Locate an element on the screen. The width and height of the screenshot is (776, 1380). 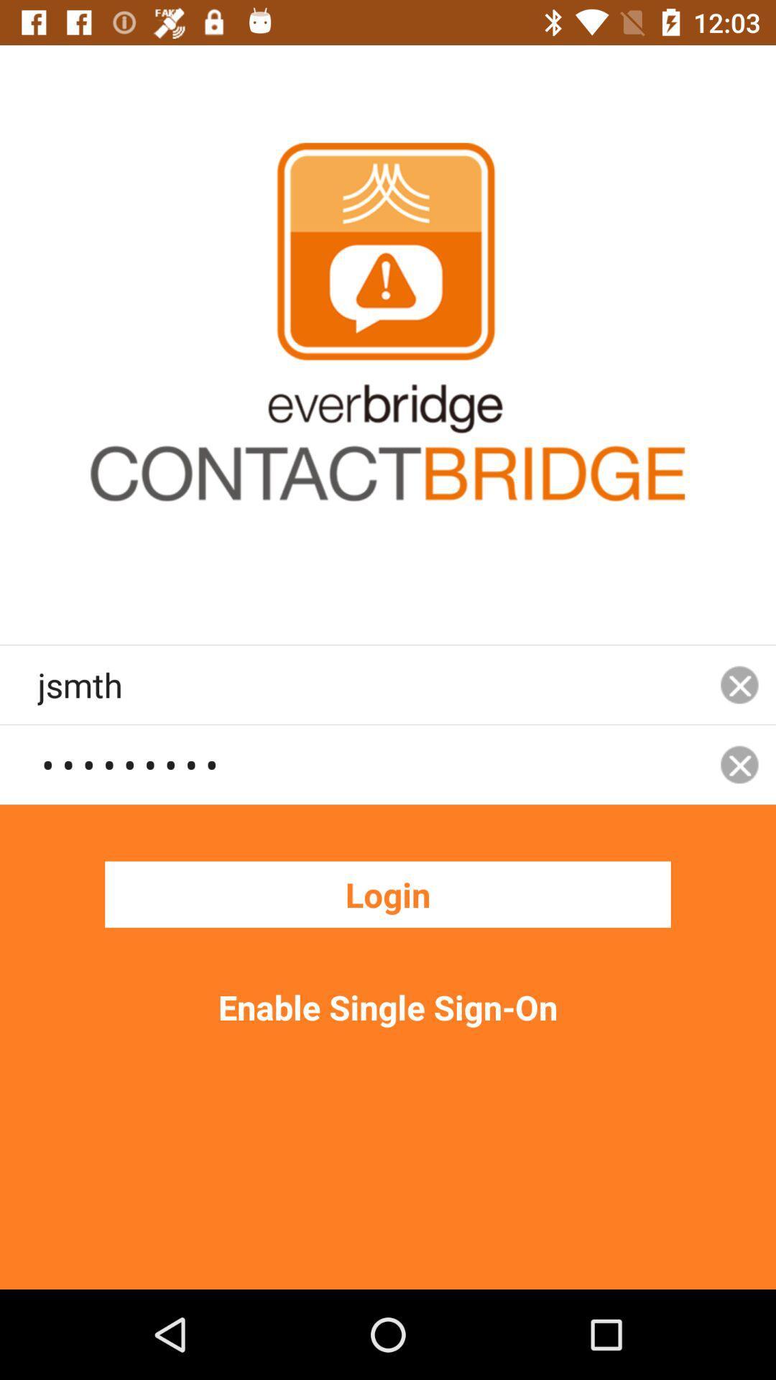
the close icon is located at coordinates (739, 763).